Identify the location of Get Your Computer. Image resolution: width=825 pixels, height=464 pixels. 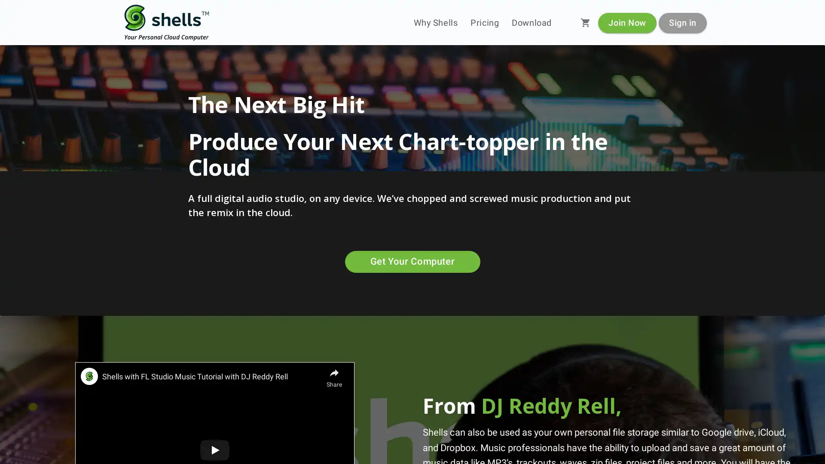
(412, 261).